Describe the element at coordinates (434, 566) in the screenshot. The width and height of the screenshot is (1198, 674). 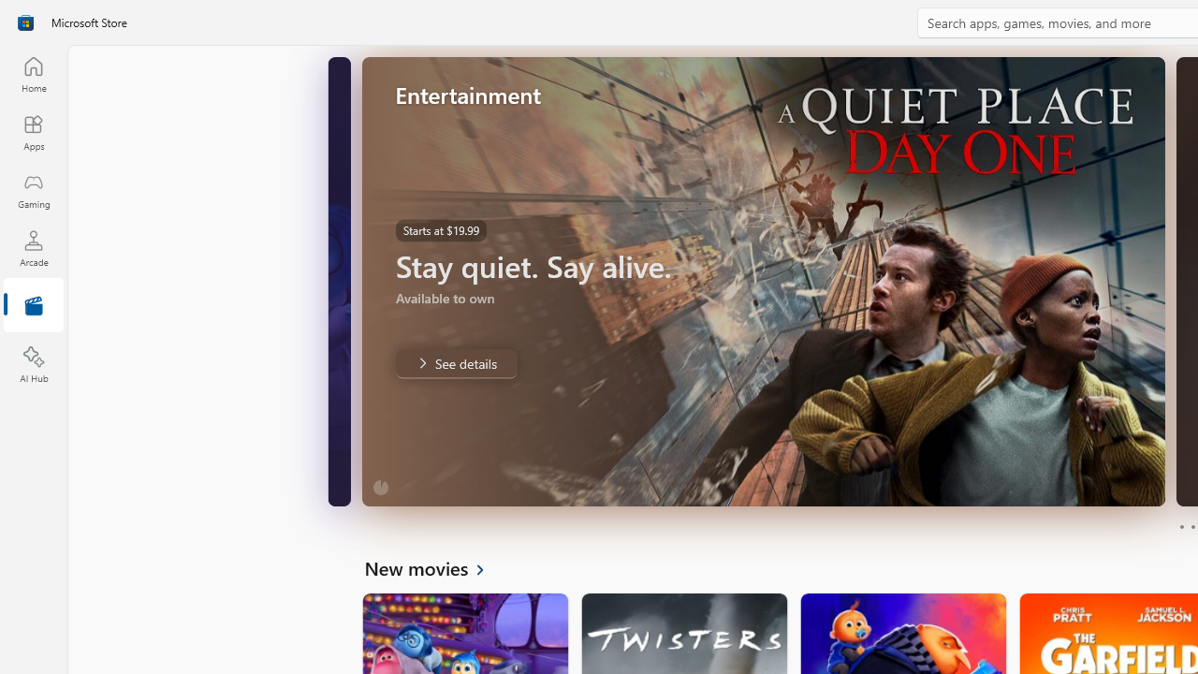
I see `'See all  New movies'` at that location.